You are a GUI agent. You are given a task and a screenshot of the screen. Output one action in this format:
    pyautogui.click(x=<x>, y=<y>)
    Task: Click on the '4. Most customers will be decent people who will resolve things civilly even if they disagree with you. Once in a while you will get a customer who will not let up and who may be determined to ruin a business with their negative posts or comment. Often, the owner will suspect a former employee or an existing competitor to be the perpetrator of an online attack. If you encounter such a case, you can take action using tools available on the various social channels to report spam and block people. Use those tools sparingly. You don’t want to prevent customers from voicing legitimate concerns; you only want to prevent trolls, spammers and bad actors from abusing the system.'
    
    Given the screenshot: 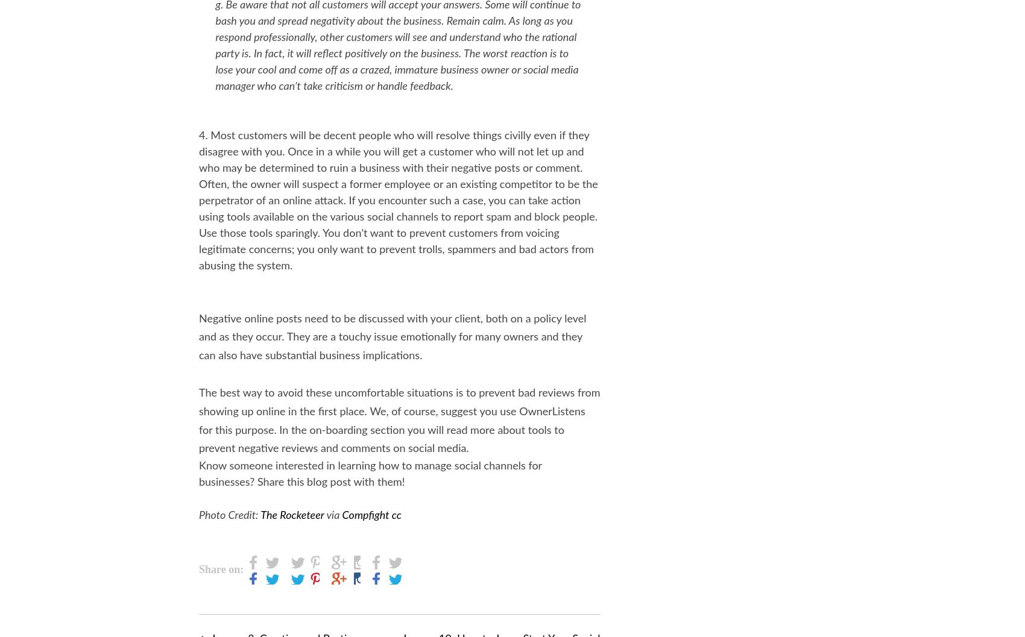 What is the action you would take?
    pyautogui.click(x=398, y=200)
    